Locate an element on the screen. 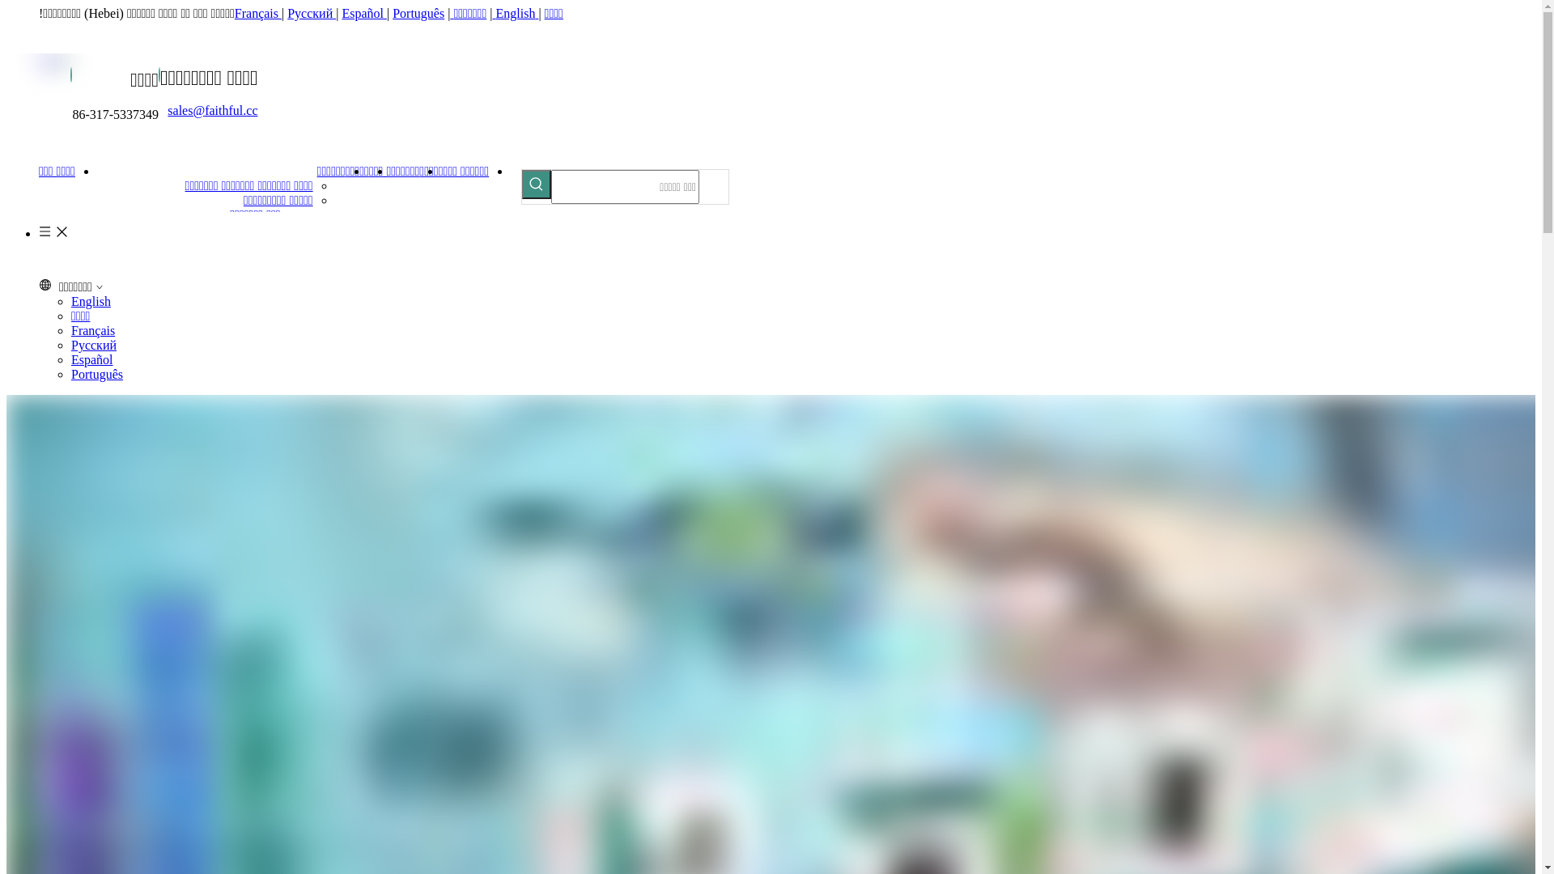 This screenshot has height=874, width=1554. 'English' is located at coordinates (516, 13).